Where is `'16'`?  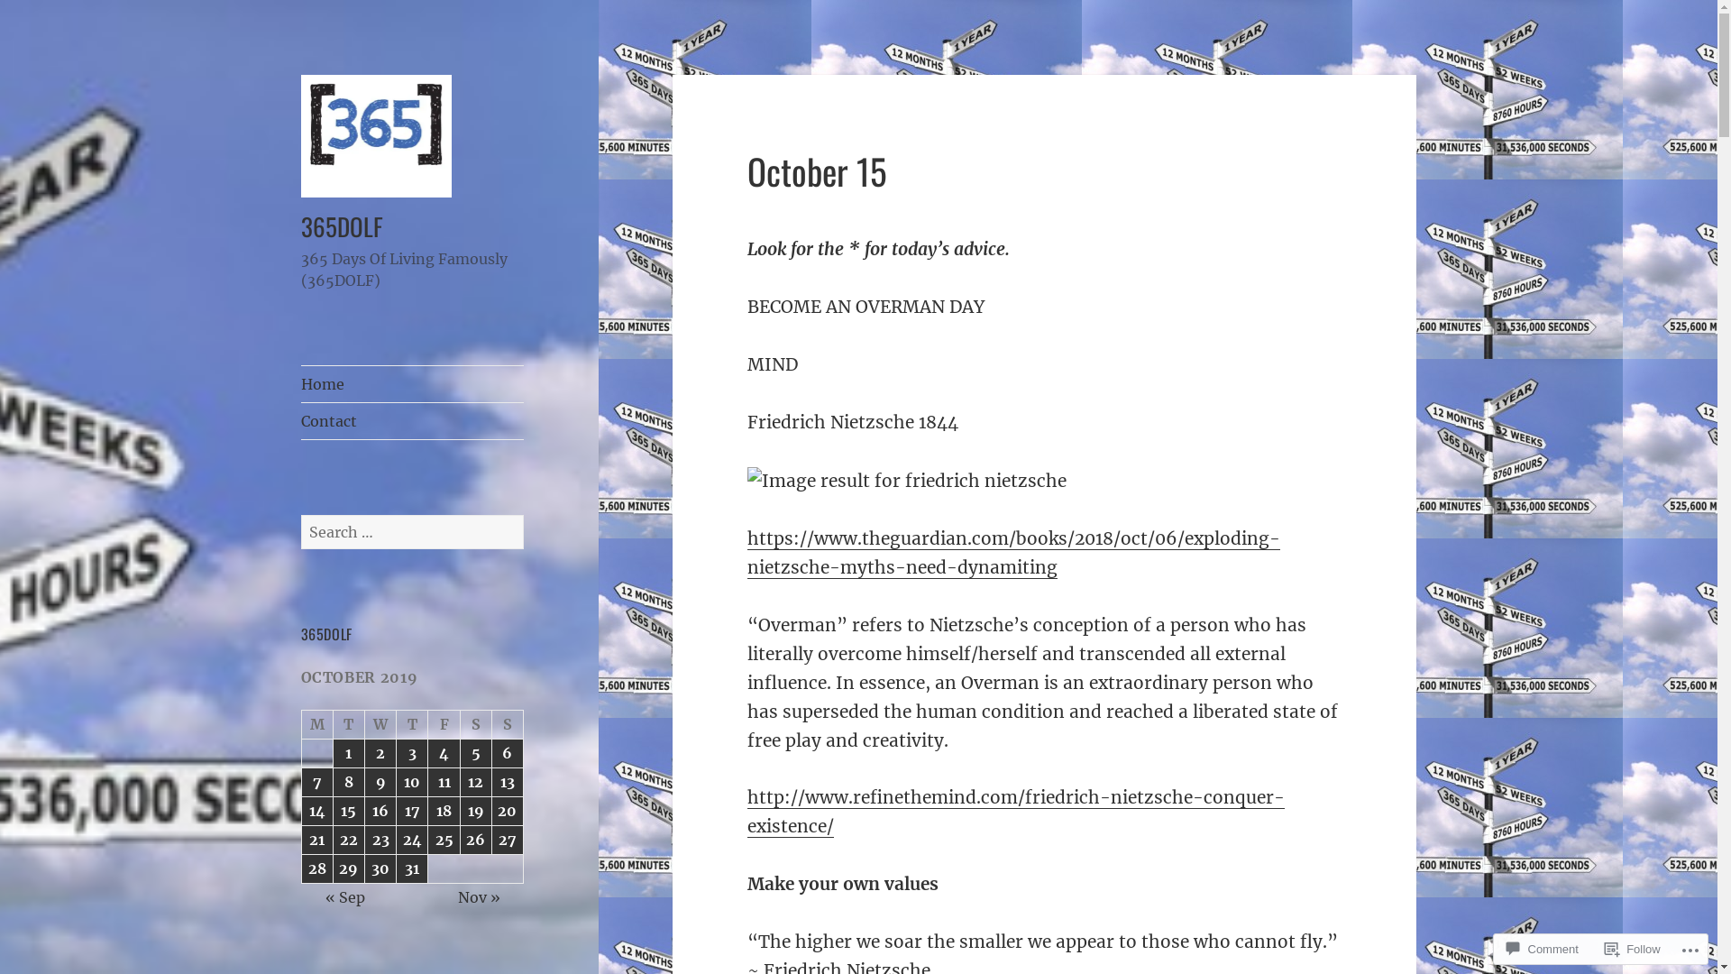 '16' is located at coordinates (380, 810).